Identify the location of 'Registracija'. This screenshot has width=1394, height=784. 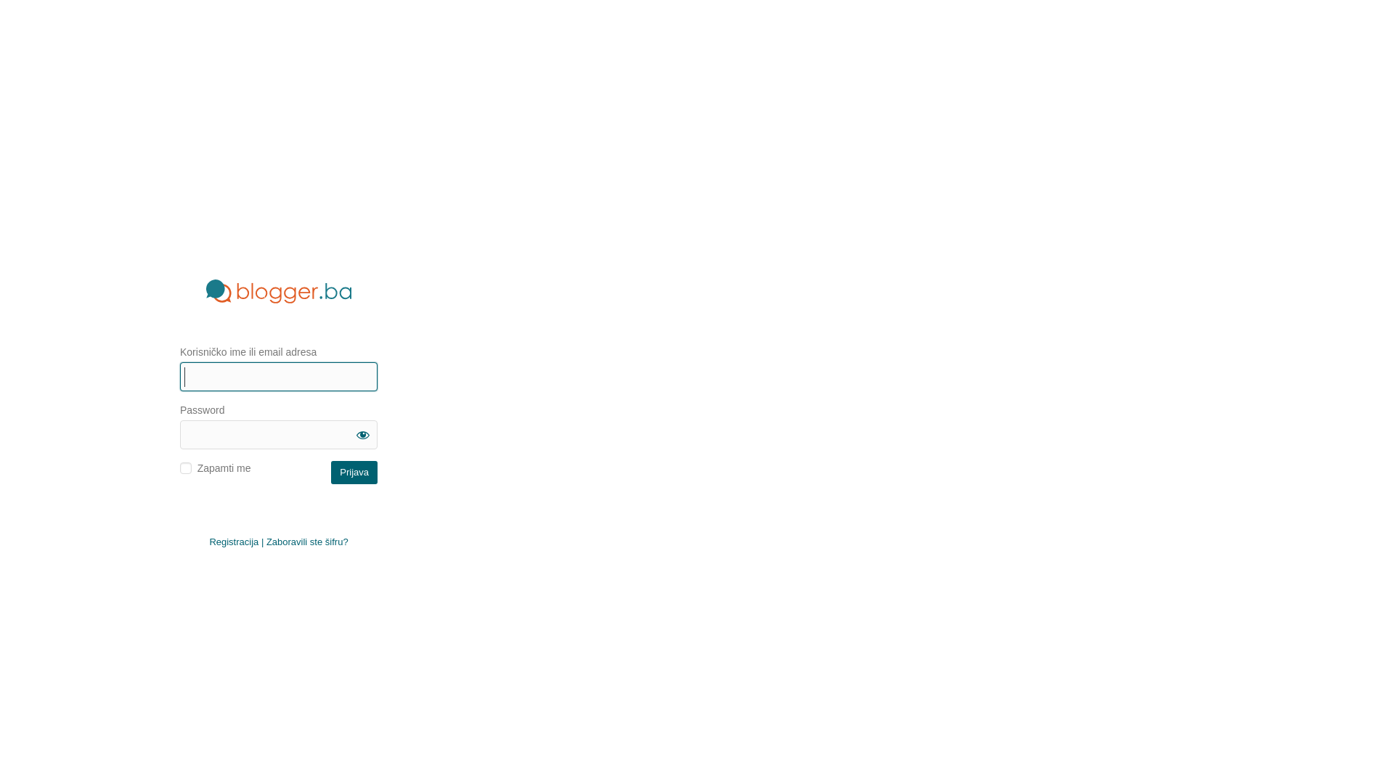
(233, 542).